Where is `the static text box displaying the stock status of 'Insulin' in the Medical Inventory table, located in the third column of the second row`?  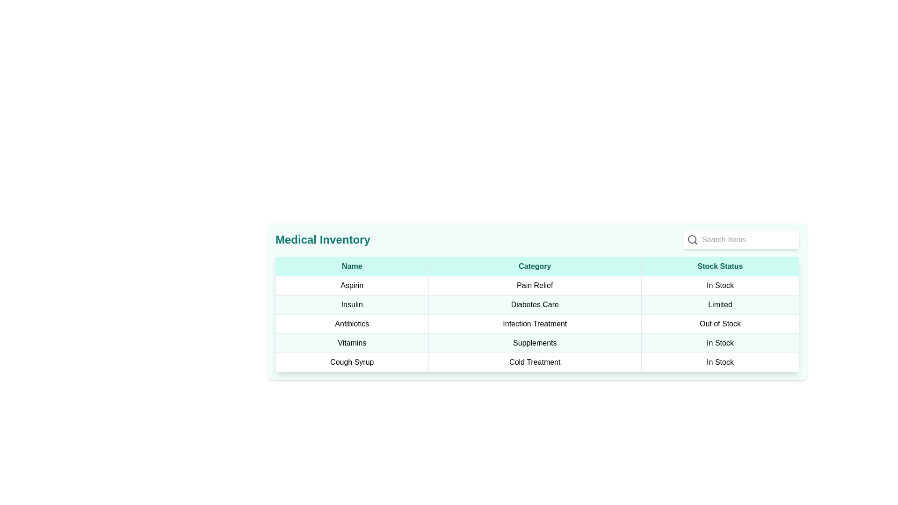
the static text box displaying the stock status of 'Insulin' in the Medical Inventory table, located in the third column of the second row is located at coordinates (720, 304).